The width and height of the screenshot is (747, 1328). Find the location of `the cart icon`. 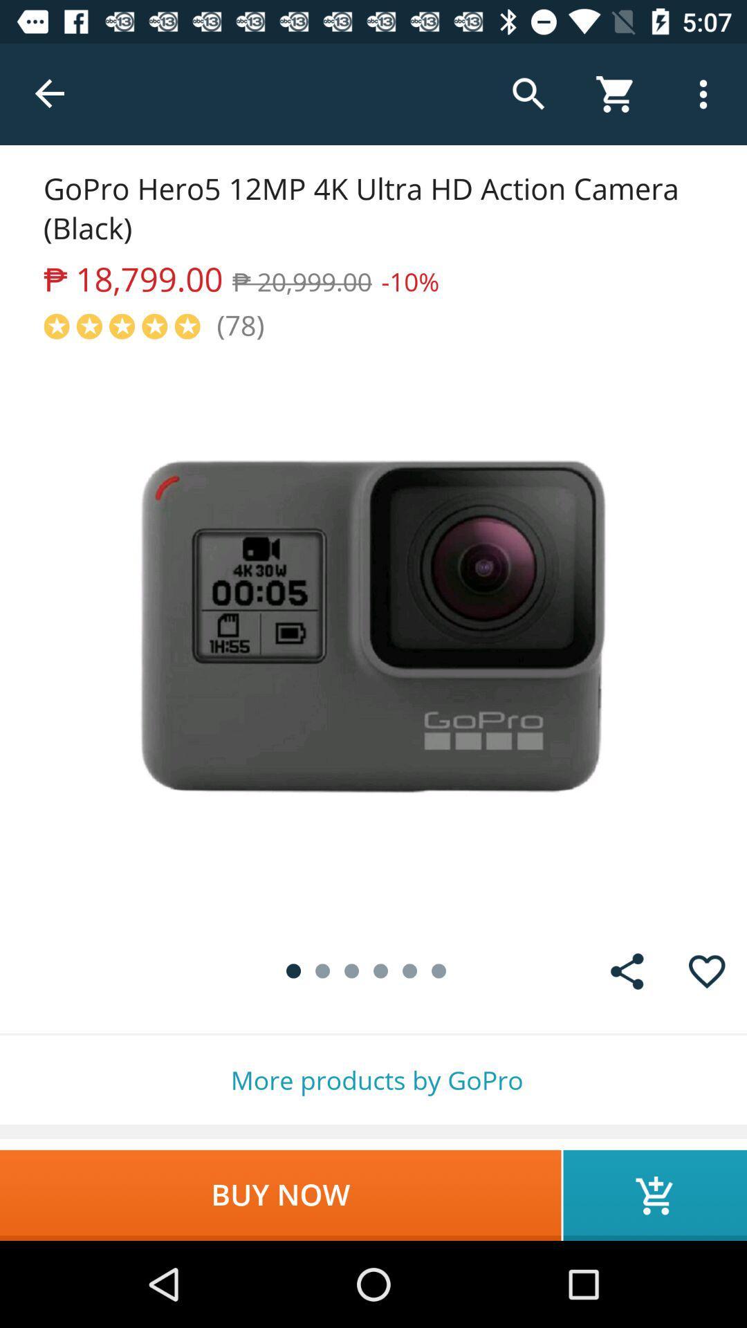

the cart icon is located at coordinates (654, 1195).